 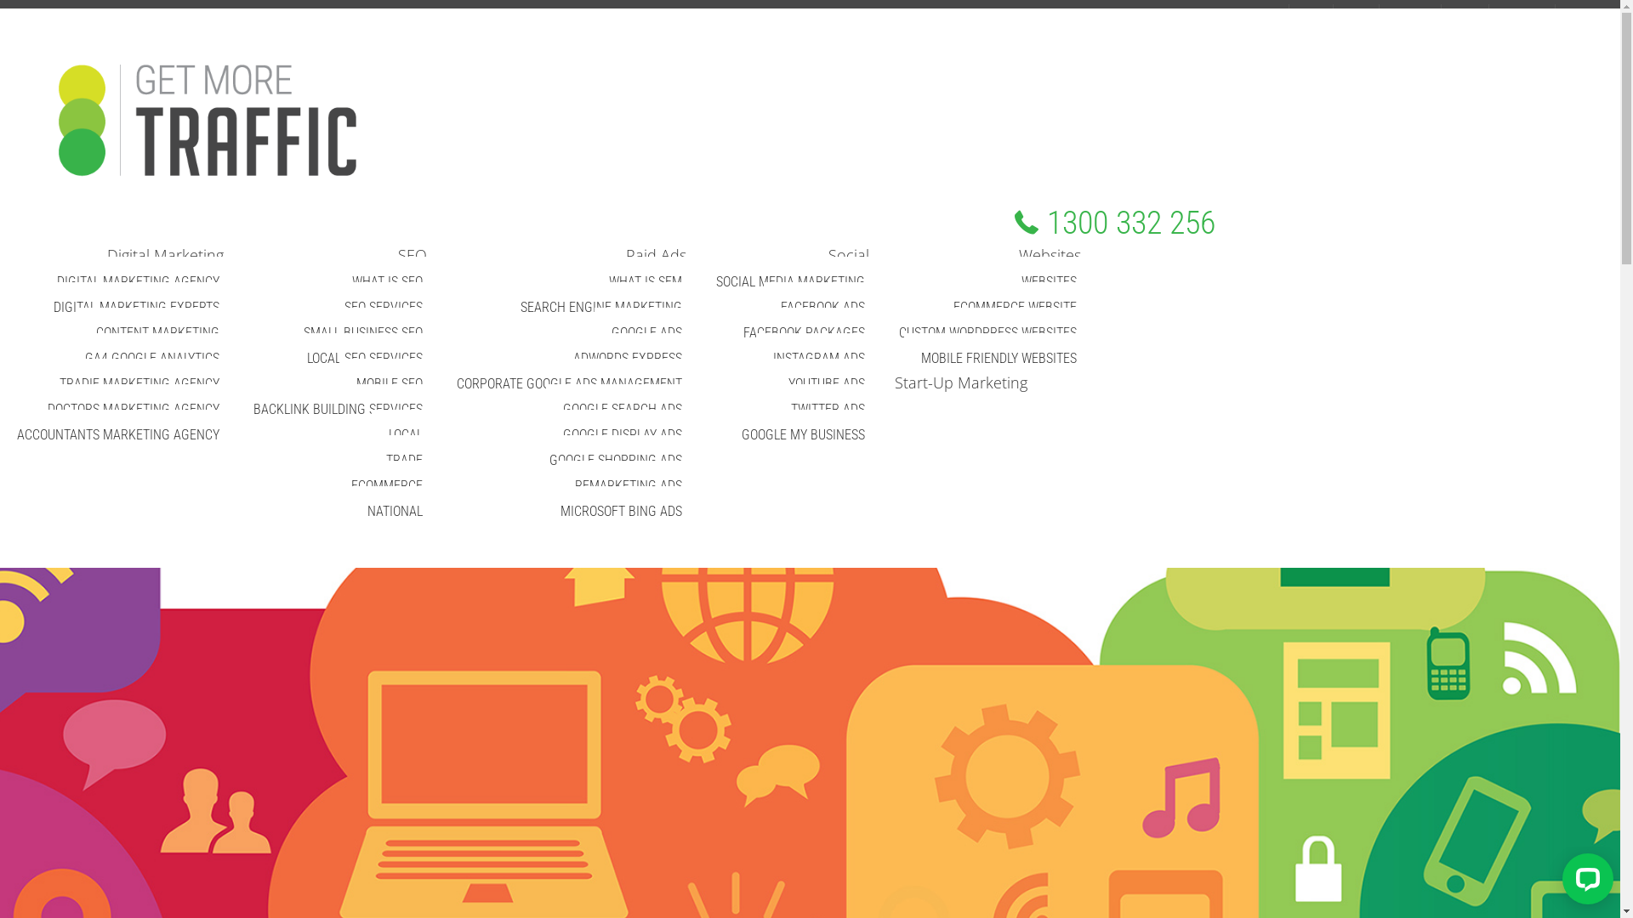 What do you see at coordinates (133, 409) in the screenshot?
I see `'DOCTORS MARKETING AGENCY'` at bounding box center [133, 409].